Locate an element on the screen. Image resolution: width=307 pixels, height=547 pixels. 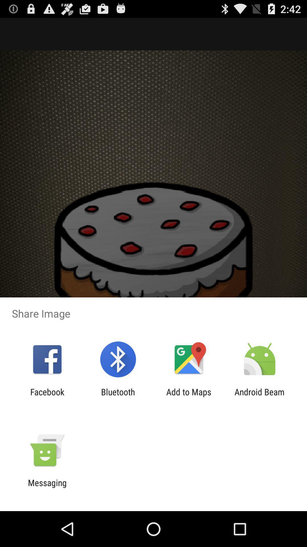
the facebook app is located at coordinates (47, 397).